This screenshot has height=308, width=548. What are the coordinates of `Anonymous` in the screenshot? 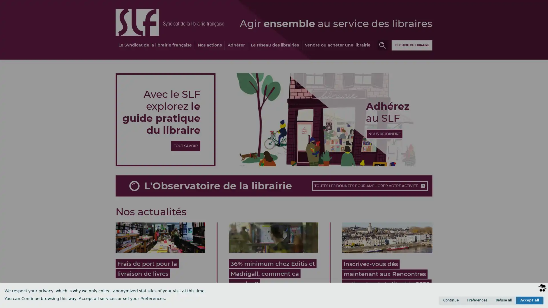 It's located at (488, 302).